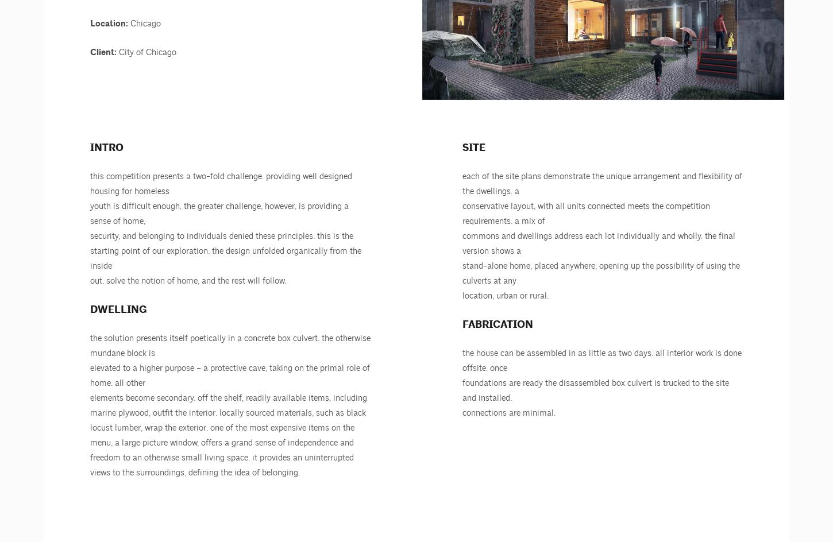 The image size is (833, 542). What do you see at coordinates (602, 183) in the screenshot?
I see `'each of the site plans demonstrate the unique arrangement and flexibility of the dwellings. a'` at bounding box center [602, 183].